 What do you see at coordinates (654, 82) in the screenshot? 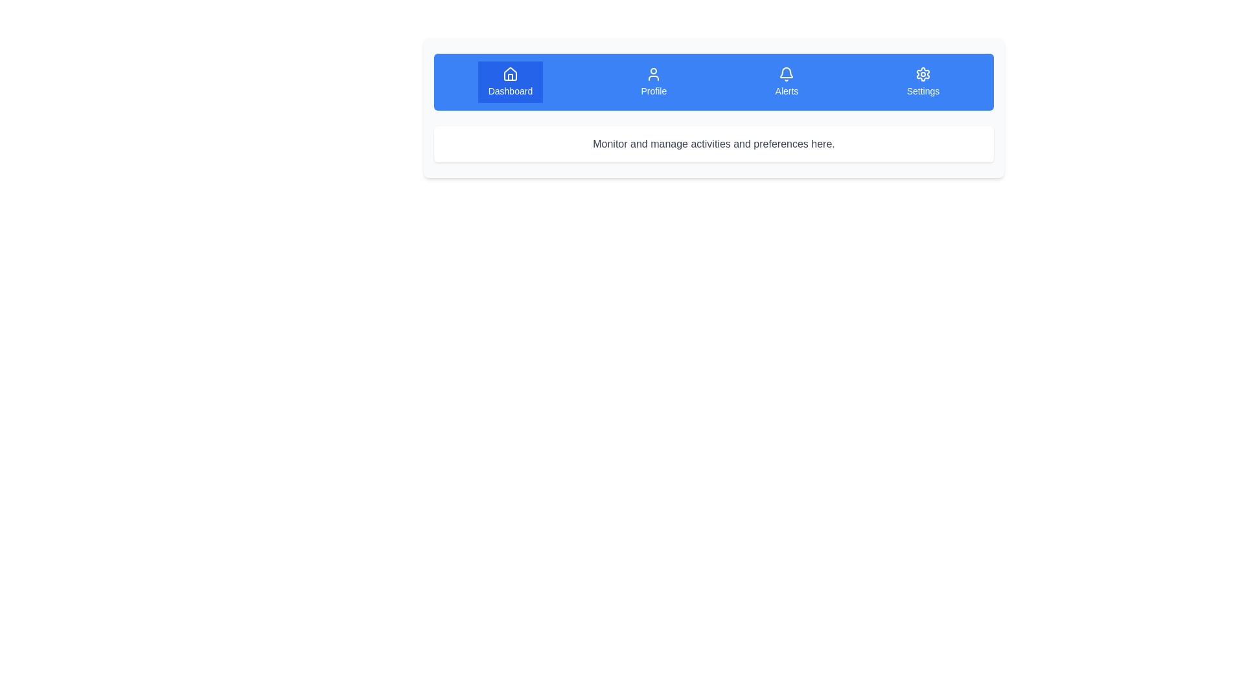
I see `the 'Profile' button, which has a blue background and white text, to observe the scaling animation` at bounding box center [654, 82].